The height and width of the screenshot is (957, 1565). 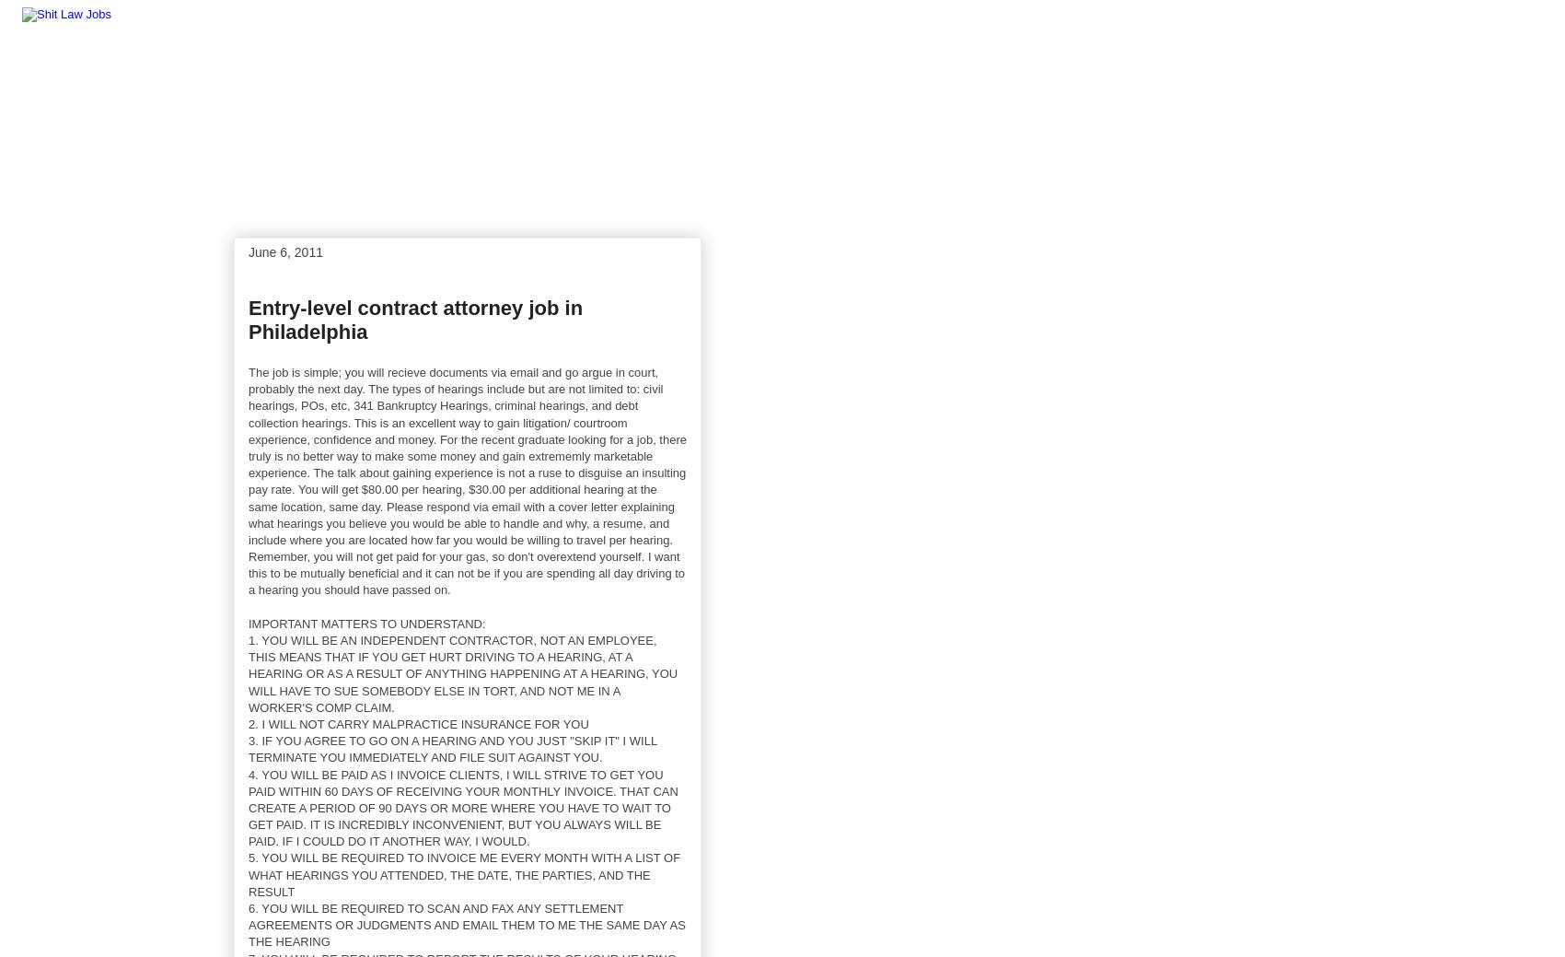 What do you see at coordinates (248, 925) in the screenshot?
I see `'6. YOU WILL BE REQUIRED TO SCAN AND FAX ANY SETTLEMENT AGREEMENTS OR JUDGMENTS AND EMAIL THEM TO ME THE SAME DAY AS THE HEARING'` at bounding box center [248, 925].